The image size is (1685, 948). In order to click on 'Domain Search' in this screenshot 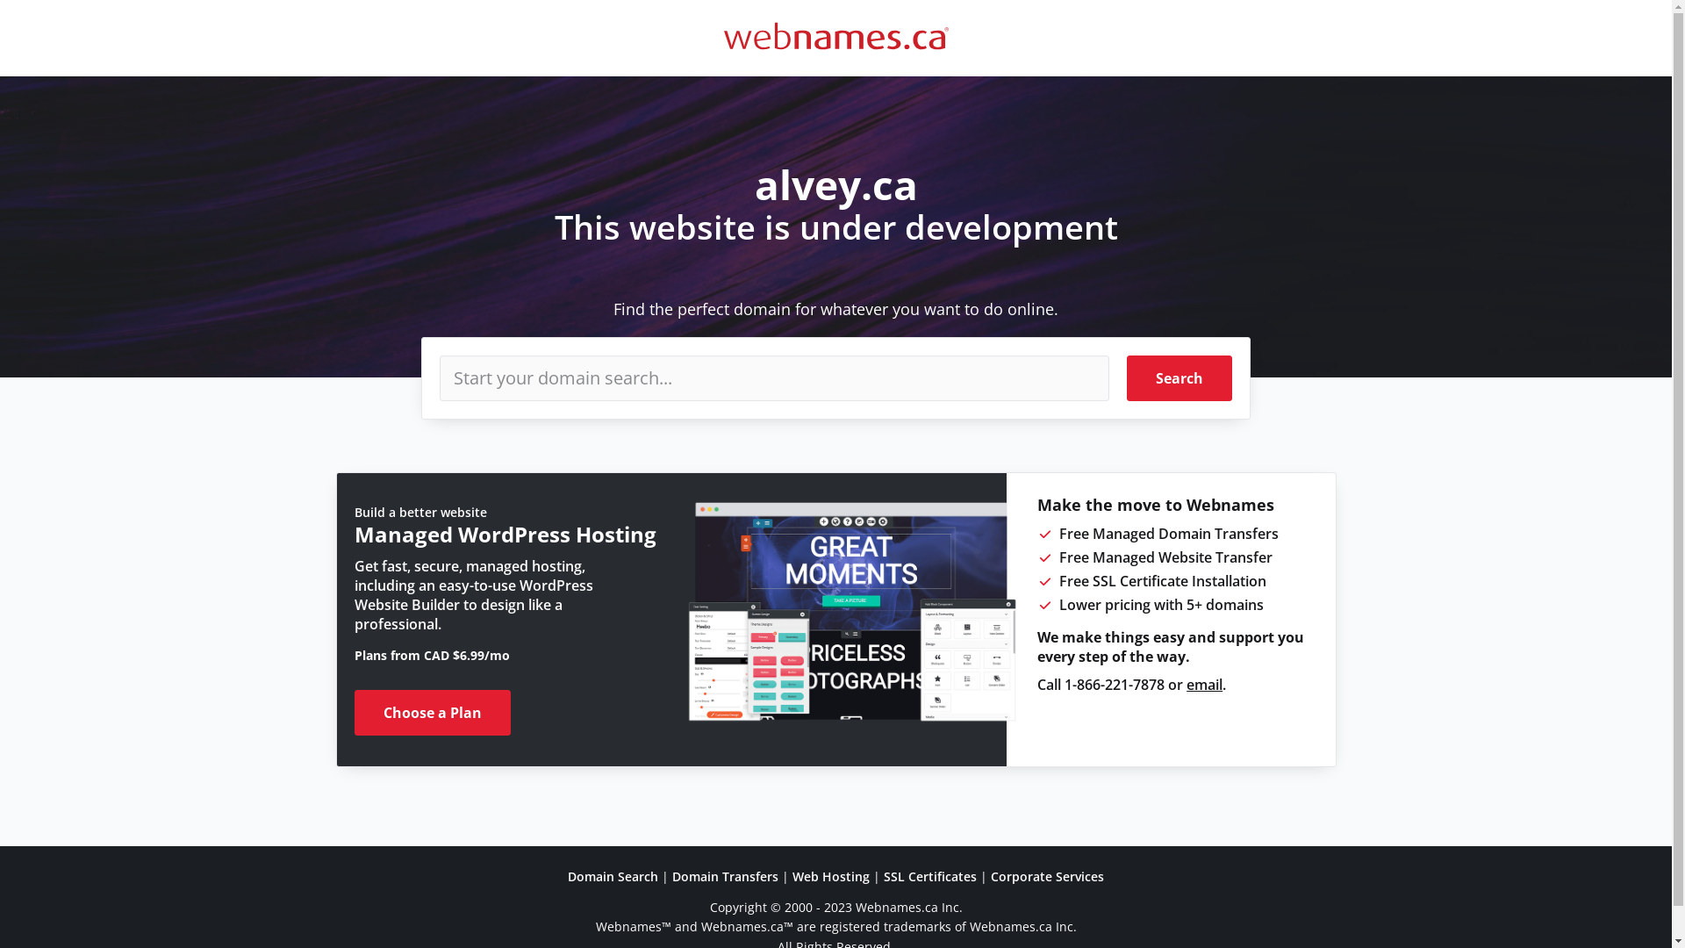, I will do `click(613, 876)`.